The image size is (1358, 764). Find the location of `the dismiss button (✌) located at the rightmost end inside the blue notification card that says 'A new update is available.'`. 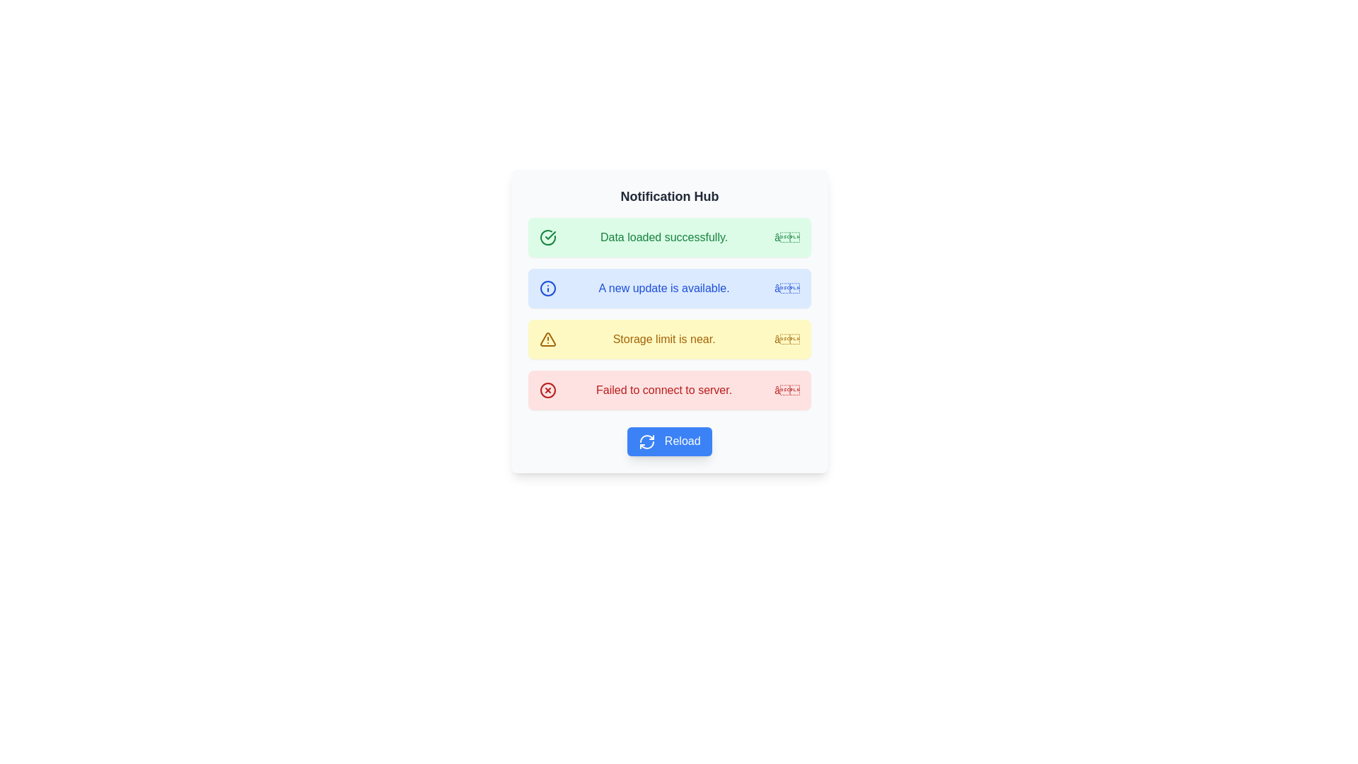

the dismiss button (✌) located at the rightmost end inside the blue notification card that says 'A new update is available.' is located at coordinates (787, 288).